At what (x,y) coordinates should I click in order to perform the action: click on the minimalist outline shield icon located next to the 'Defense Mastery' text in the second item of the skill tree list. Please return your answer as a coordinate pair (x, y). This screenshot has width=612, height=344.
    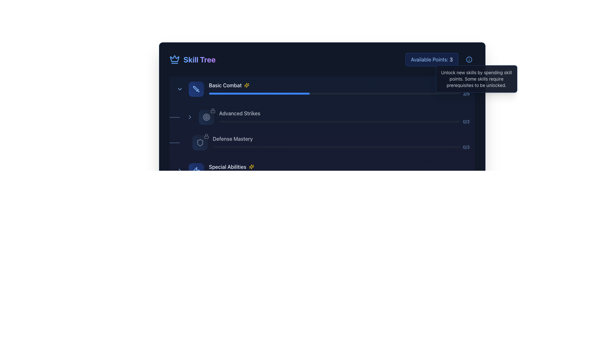
    Looking at the image, I should click on (200, 142).